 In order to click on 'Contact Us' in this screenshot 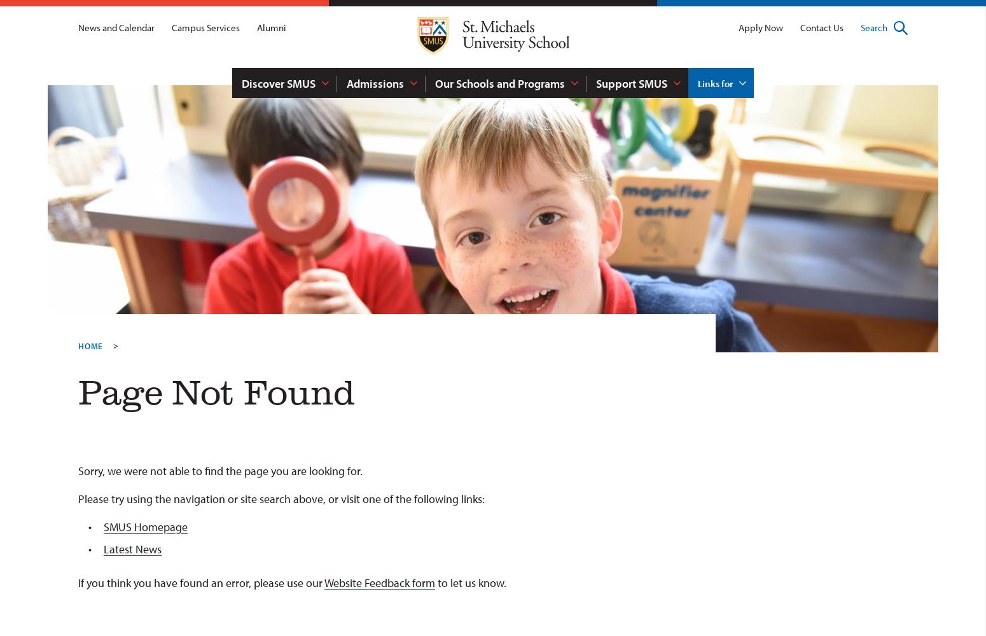, I will do `click(799, 27)`.